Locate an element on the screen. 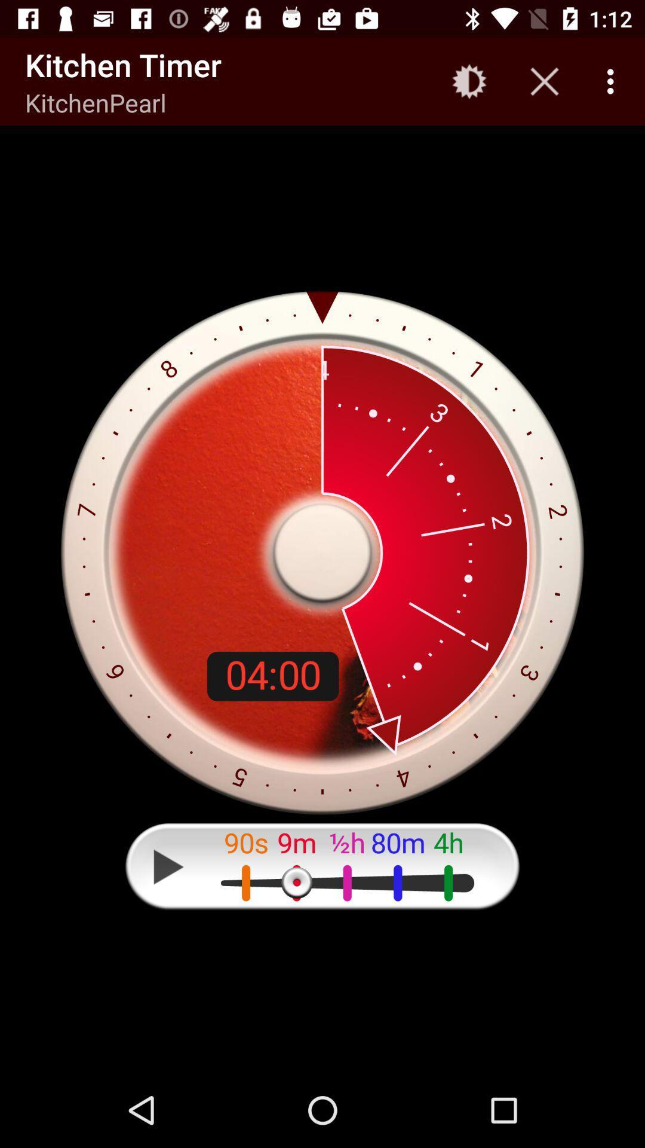  the play icon is located at coordinates (168, 866).